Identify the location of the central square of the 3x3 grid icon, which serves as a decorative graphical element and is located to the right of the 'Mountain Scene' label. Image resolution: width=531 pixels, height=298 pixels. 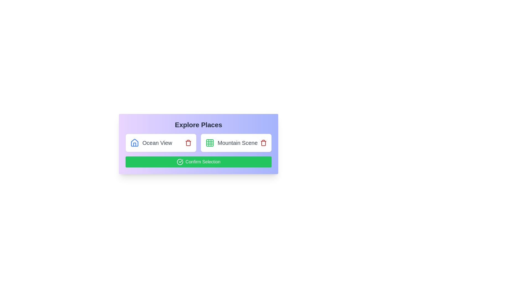
(209, 142).